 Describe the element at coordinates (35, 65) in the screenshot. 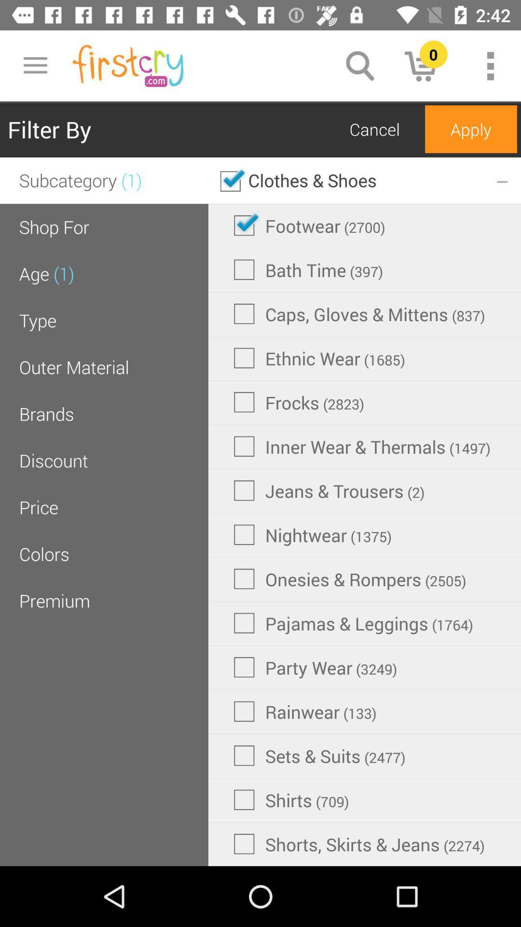

I see `item above the filter by icon` at that location.